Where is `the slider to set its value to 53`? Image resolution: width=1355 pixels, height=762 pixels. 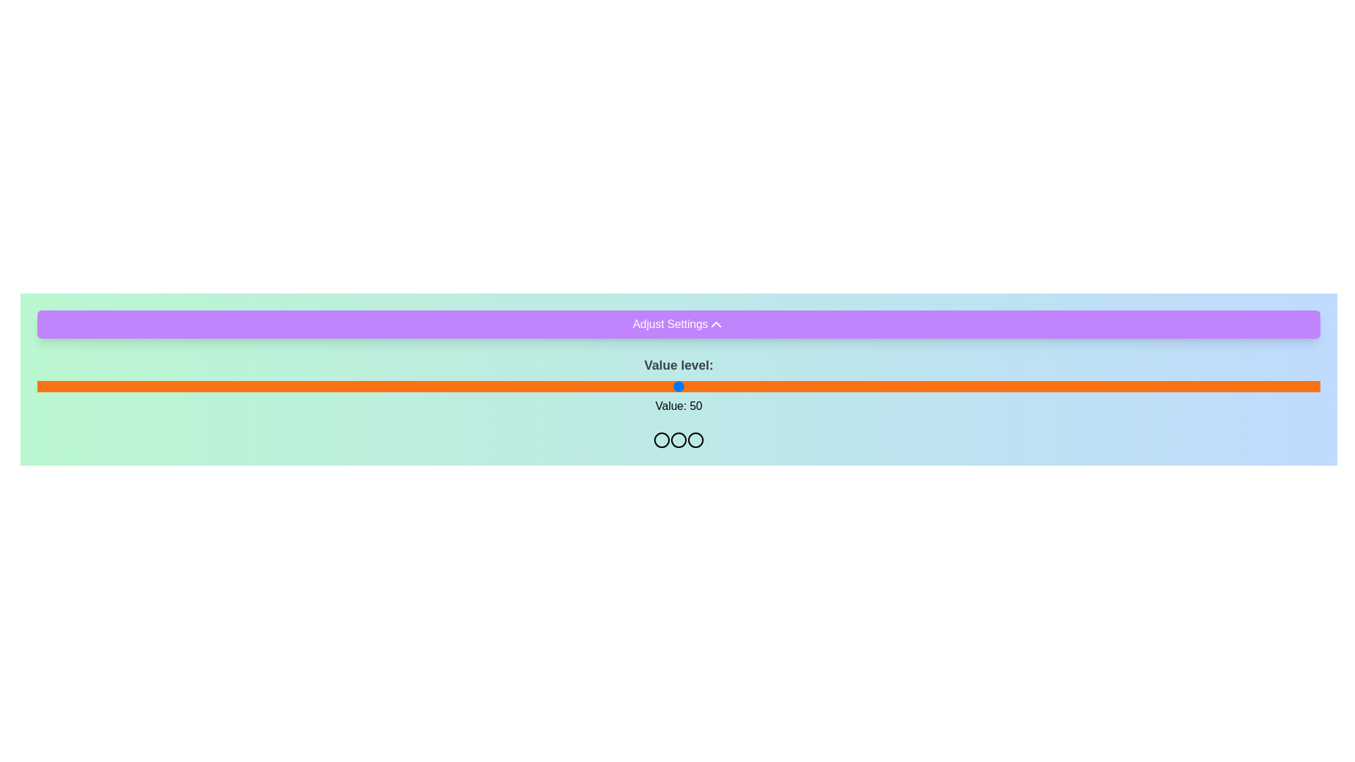 the slider to set its value to 53 is located at coordinates (717, 386).